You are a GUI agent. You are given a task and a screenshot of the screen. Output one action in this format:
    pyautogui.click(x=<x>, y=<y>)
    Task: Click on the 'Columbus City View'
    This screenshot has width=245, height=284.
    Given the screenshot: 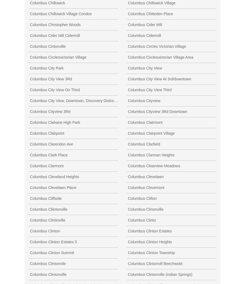 What is the action you would take?
    pyautogui.click(x=127, y=67)
    